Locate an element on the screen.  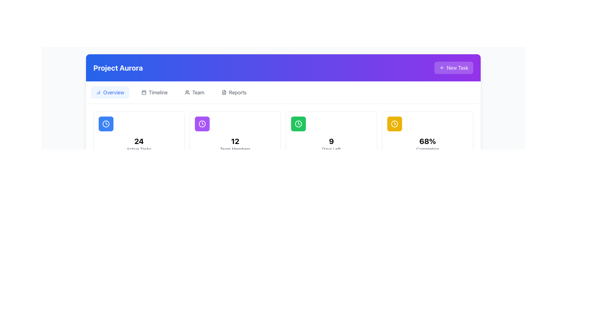
the text label displaying 'Completion' in small gray font, located below the bold '68%' percentage text in the bottom right of the card layout is located at coordinates (427, 149).